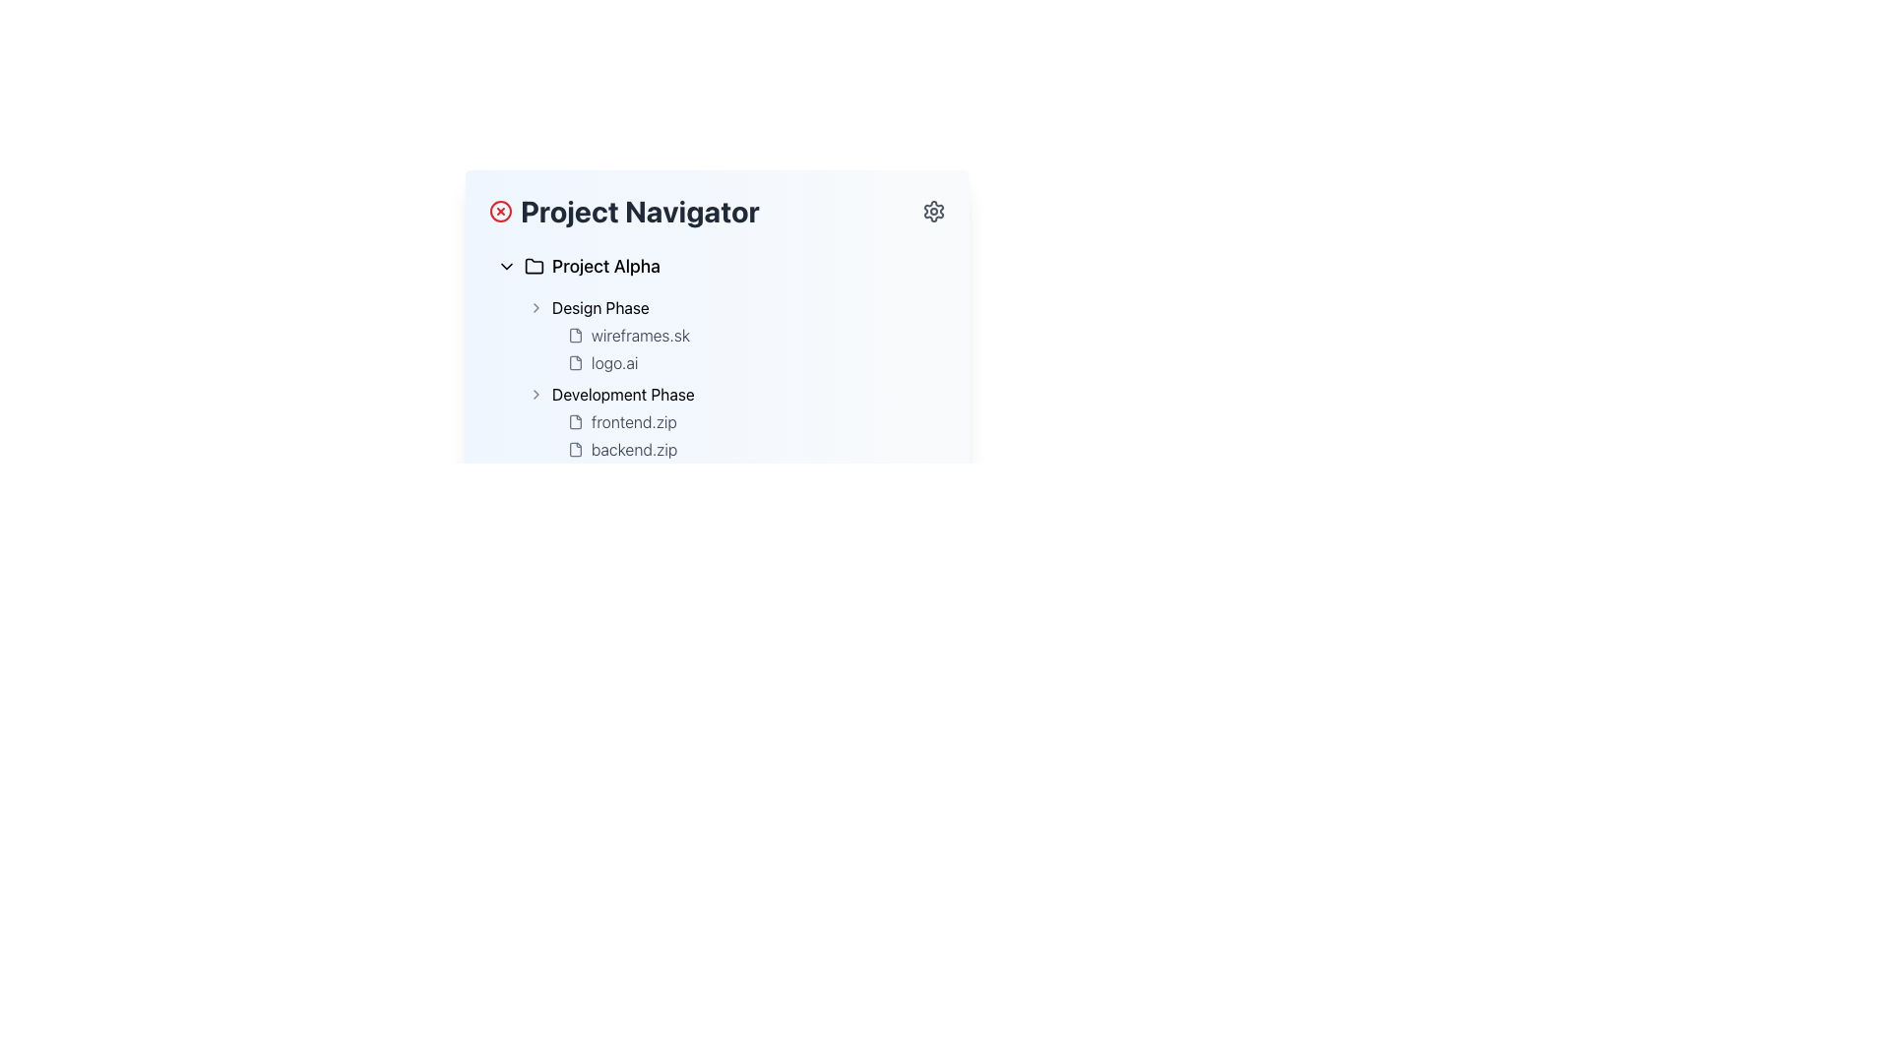 This screenshot has width=1890, height=1063. I want to click on the rectangular file icon with a folded corner located under the 'Design Phase' subheading, between 'wireframes.sk' and the 'Development Phase' section, so click(575, 363).